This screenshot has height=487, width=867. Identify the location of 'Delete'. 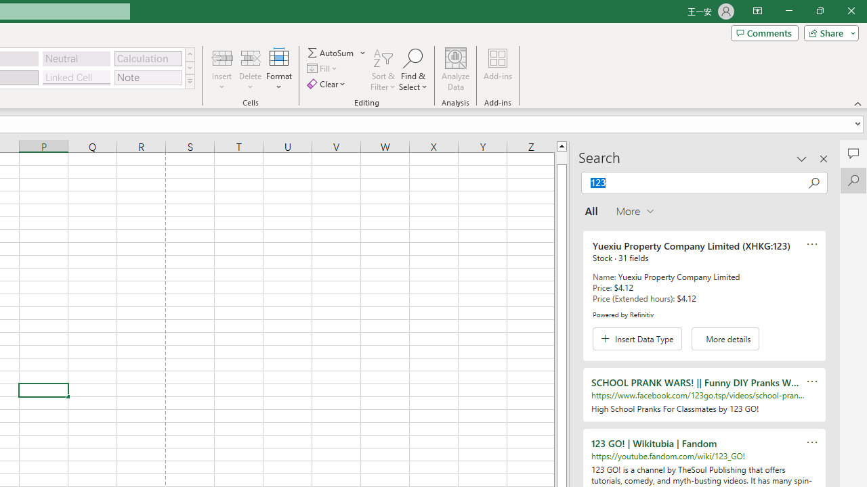
(250, 70).